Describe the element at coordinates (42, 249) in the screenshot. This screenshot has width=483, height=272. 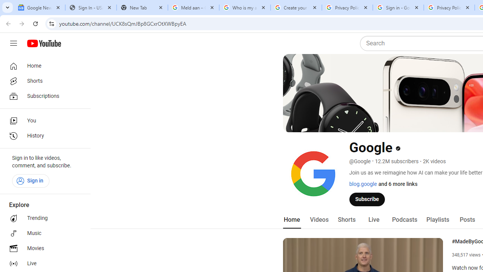
I see `'Movies'` at that location.